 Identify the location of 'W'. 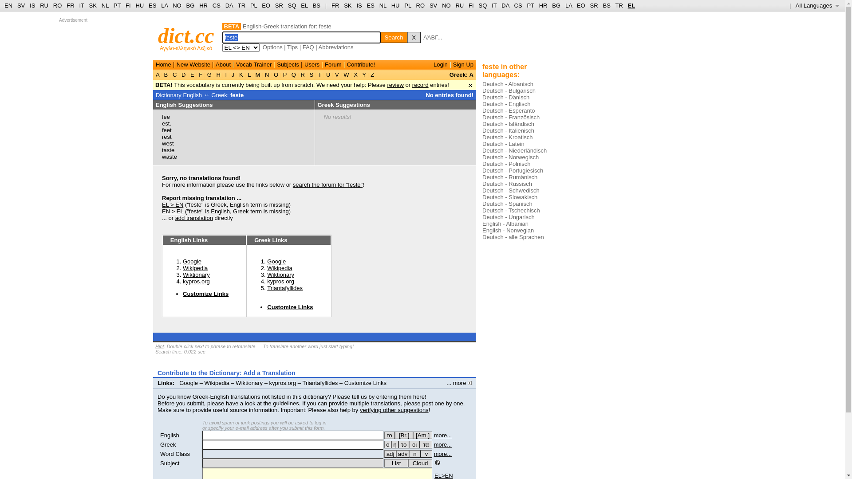
(346, 74).